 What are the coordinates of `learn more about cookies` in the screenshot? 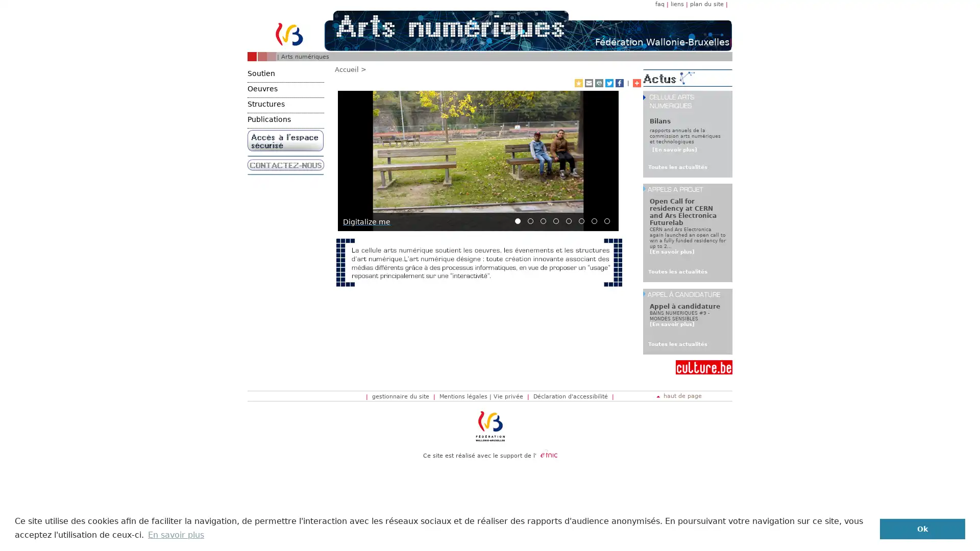 It's located at (176, 534).